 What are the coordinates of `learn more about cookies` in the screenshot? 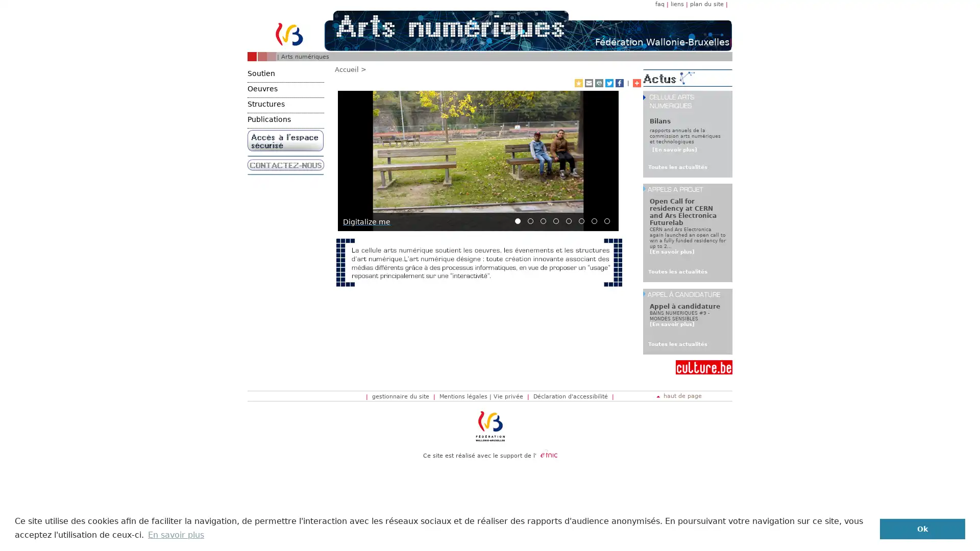 It's located at (176, 534).